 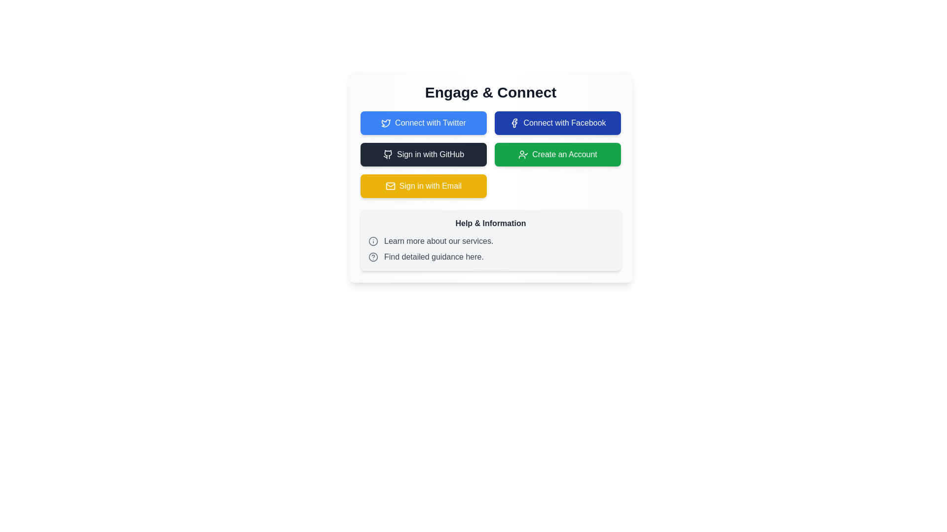 I want to click on the 'Sign in with GitHub' button, which is a rectangular button with a dark gray background, a white GitHub logo icon on the left, and white text centered on the button, located under the heading 'Engage & Connect', so click(x=424, y=154).